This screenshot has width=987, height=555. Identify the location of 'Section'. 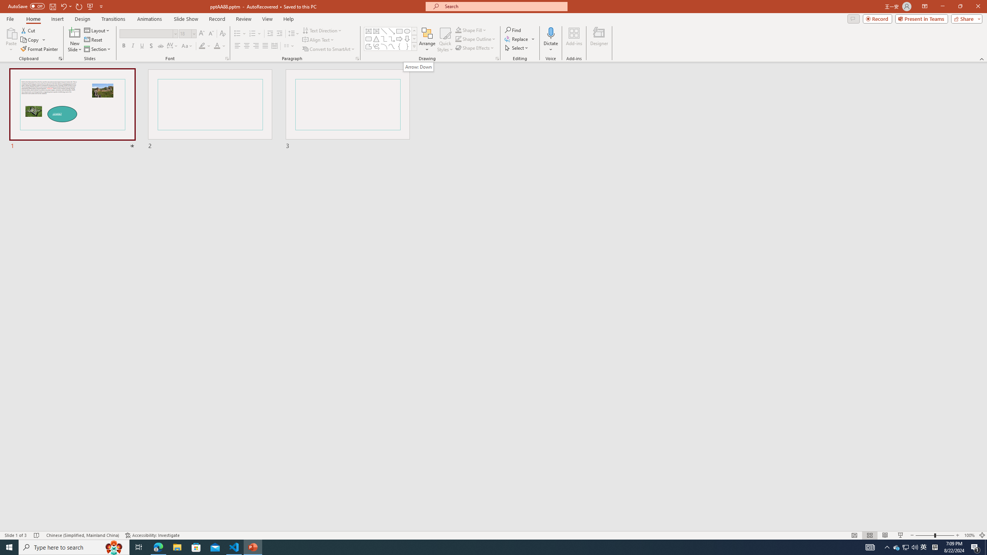
(98, 49).